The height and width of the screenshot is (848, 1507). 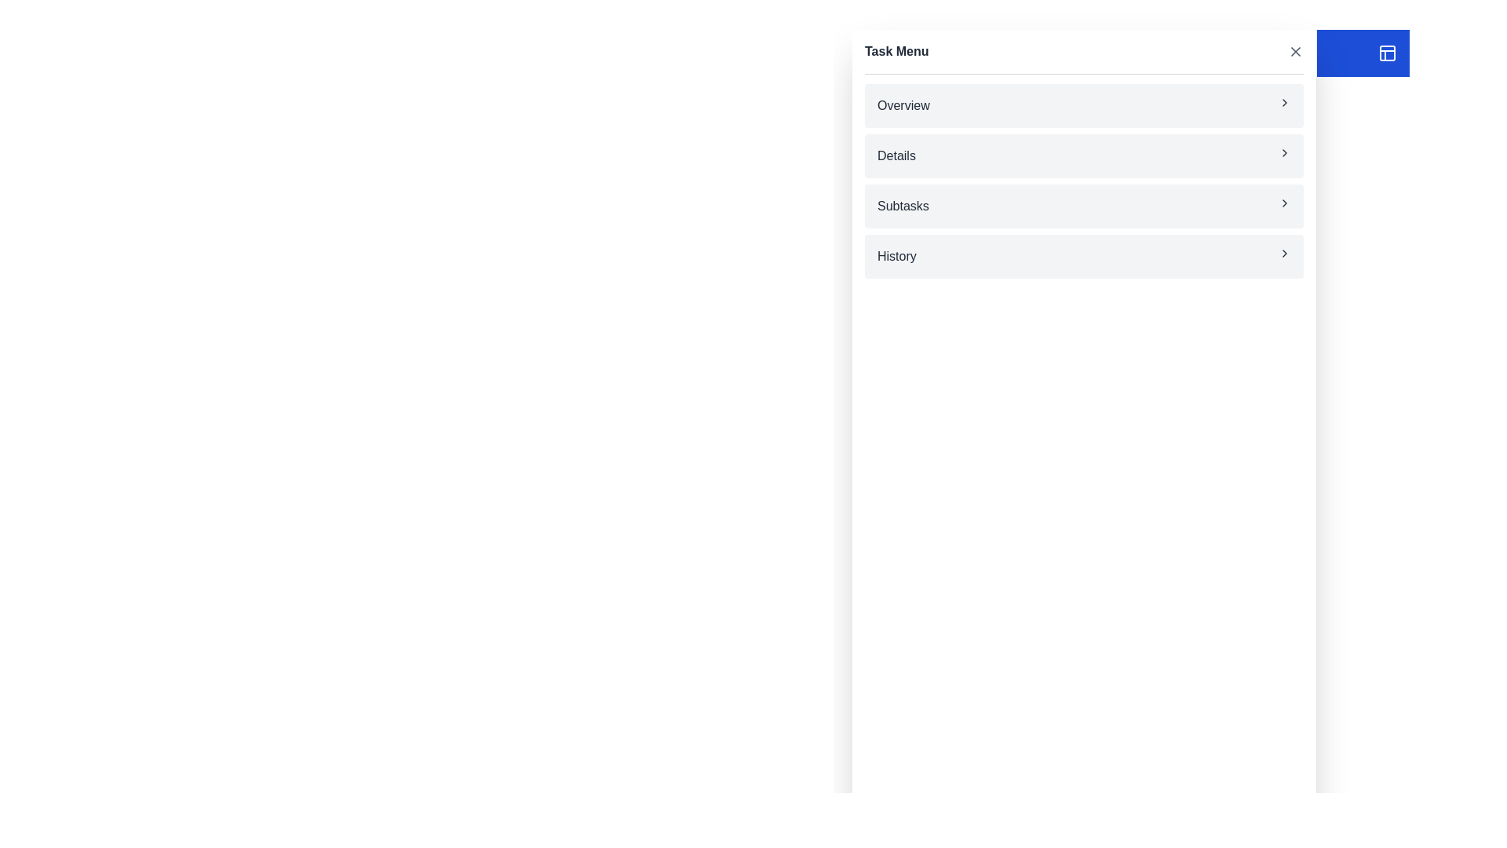 I want to click on the blue control icon at the top-right corner of the interface with a grid-like SVG symbol, so click(x=1387, y=53).